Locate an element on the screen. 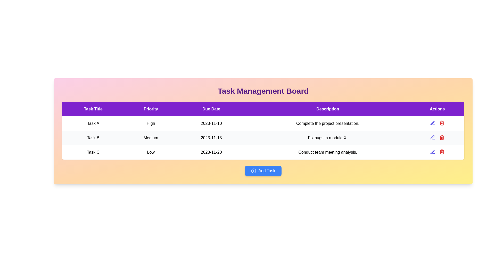  the text label header indicating the column containing task descriptions, which is the fourth item in the table header, positioned between 'Due Date' and 'Actions' is located at coordinates (327, 109).